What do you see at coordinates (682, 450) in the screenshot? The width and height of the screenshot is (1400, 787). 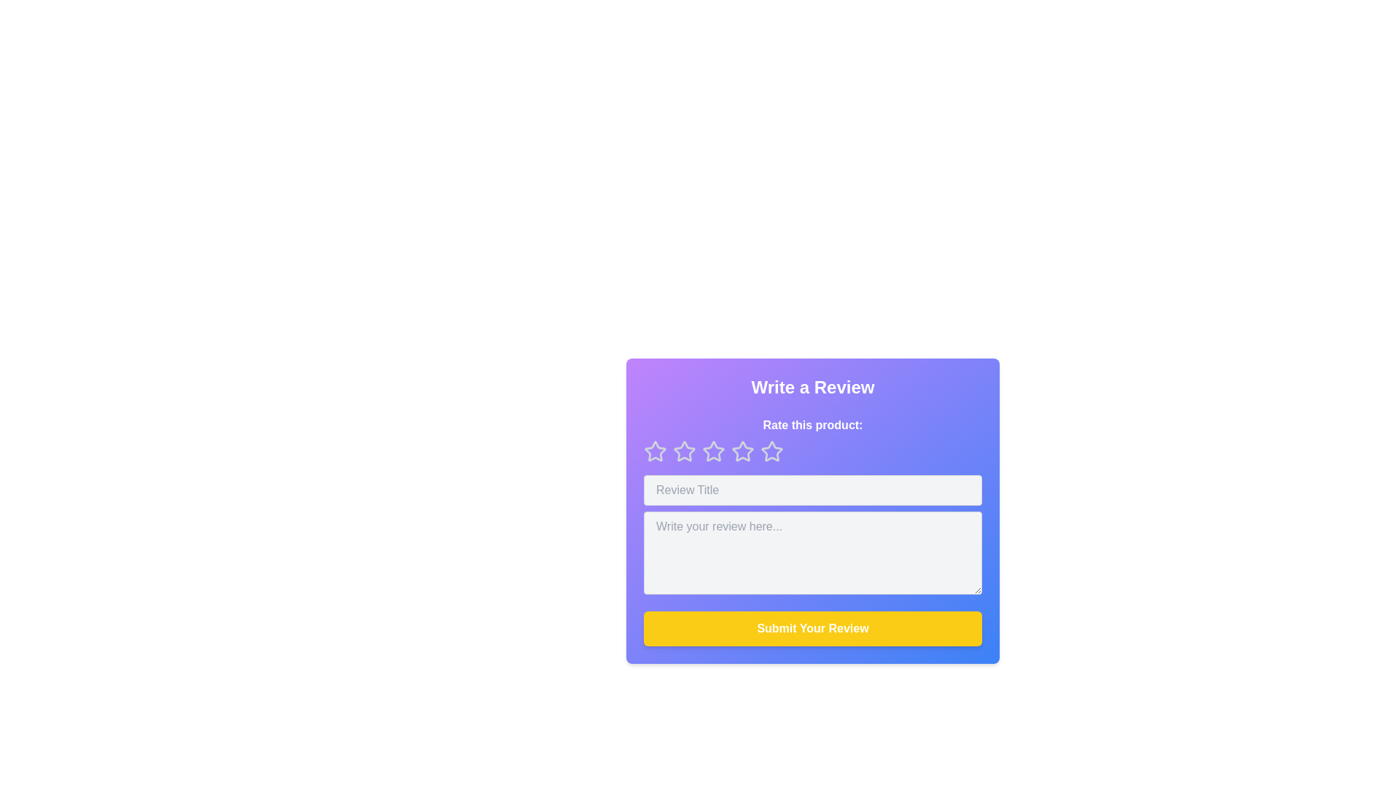 I see `the first star icon in the rating row to give a one-star rating, located just beneath the 'Rate this product:' text` at bounding box center [682, 450].